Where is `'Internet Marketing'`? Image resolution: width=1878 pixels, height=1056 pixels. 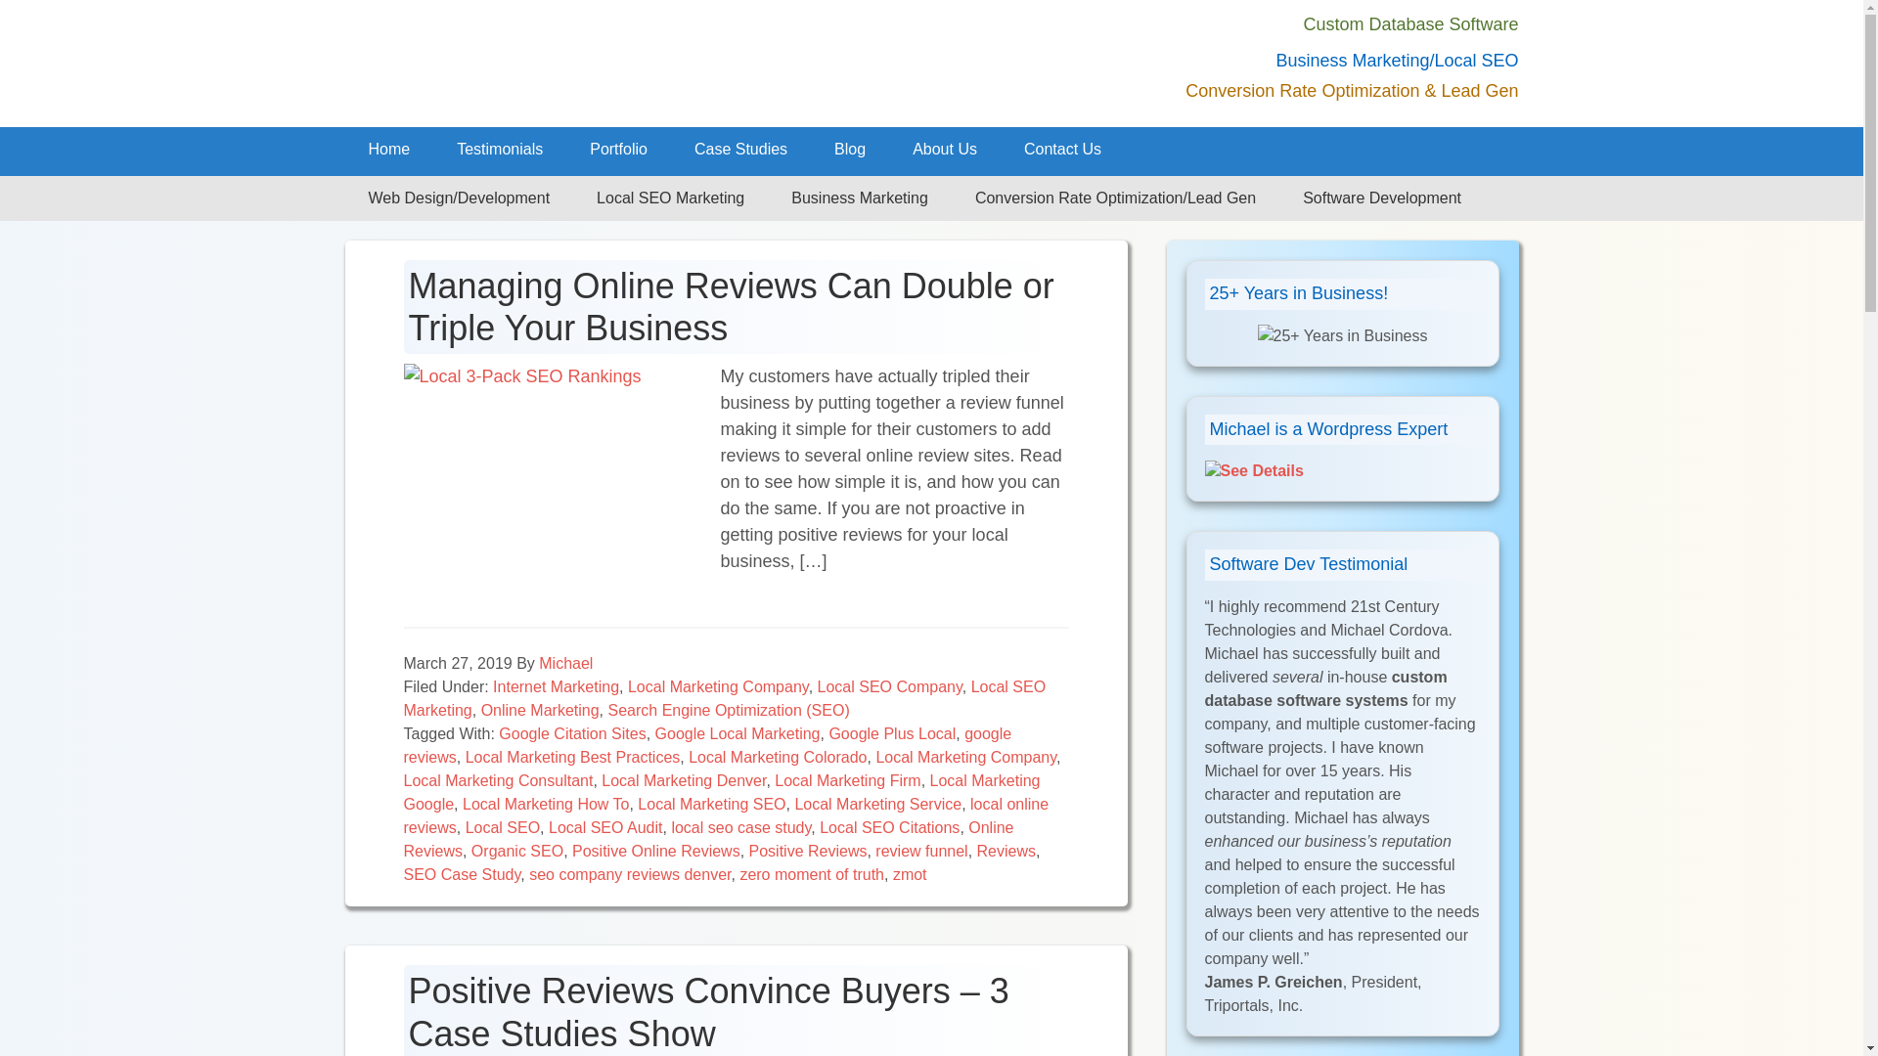
'Internet Marketing' is located at coordinates (493, 685).